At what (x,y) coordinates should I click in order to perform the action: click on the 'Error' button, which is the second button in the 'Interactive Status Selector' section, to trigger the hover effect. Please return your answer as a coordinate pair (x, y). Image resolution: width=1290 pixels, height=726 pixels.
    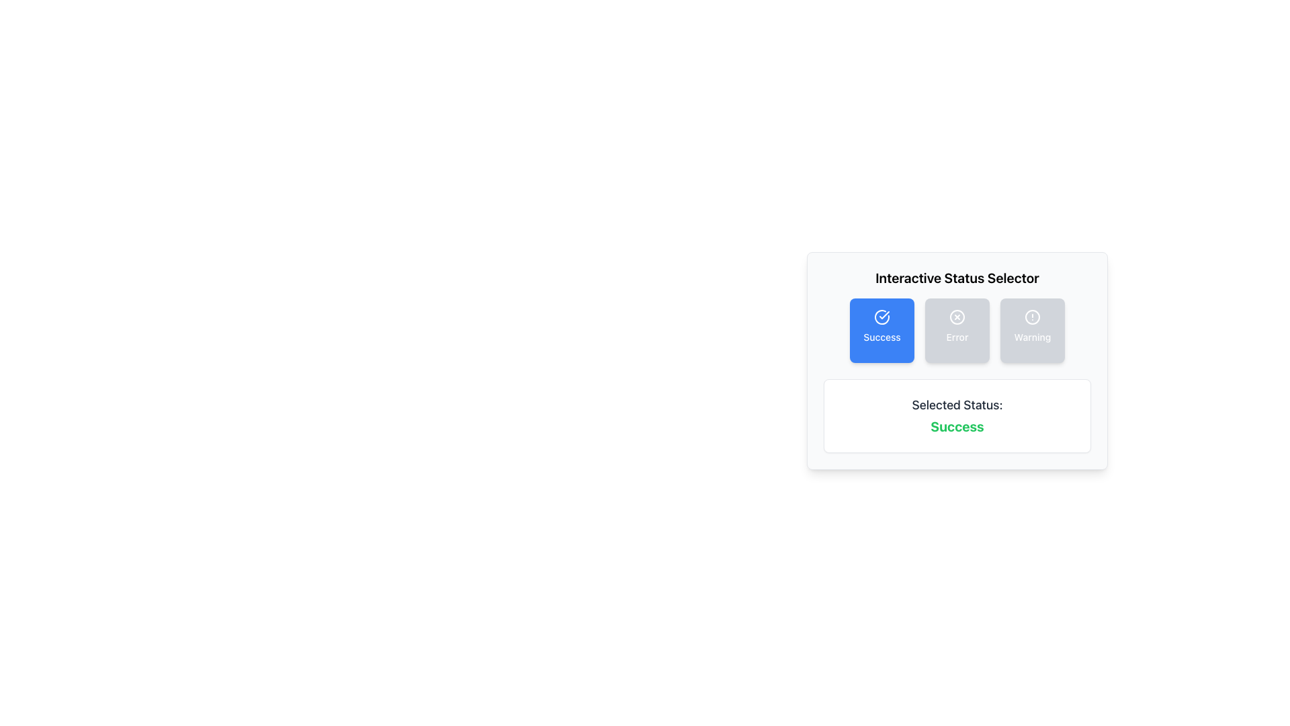
    Looking at the image, I should click on (957, 331).